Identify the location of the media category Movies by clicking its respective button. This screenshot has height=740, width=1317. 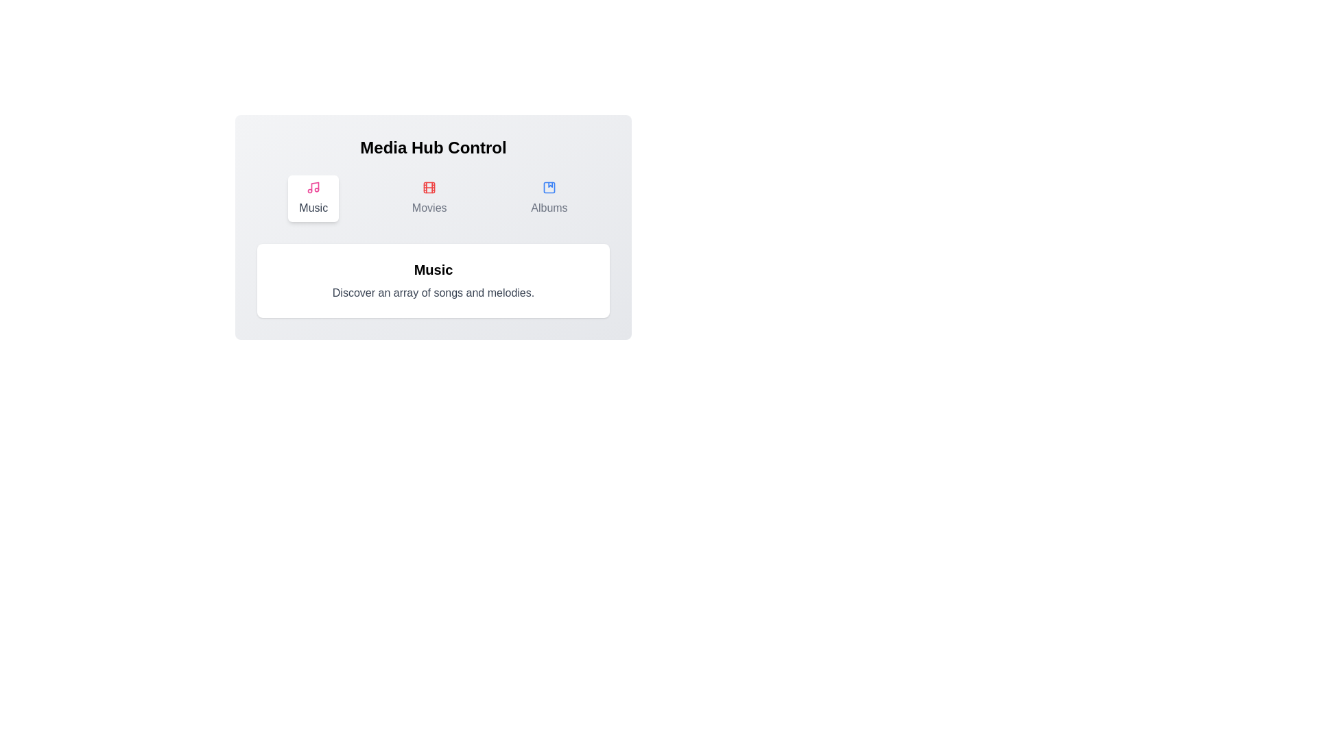
(429, 198).